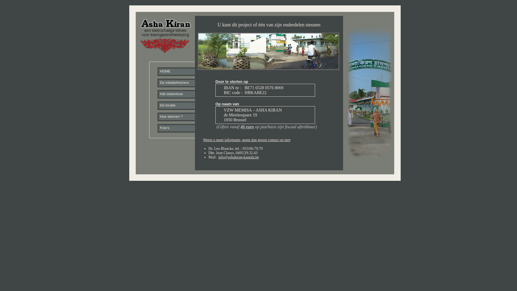 Image resolution: width=517 pixels, height=291 pixels. I want to click on 'info@ashakiran-kautala.be', so click(238, 157).